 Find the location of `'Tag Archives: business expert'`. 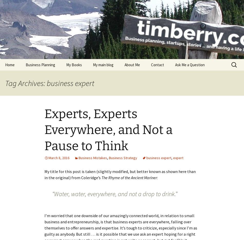

'Tag Archives: business expert' is located at coordinates (5, 83).